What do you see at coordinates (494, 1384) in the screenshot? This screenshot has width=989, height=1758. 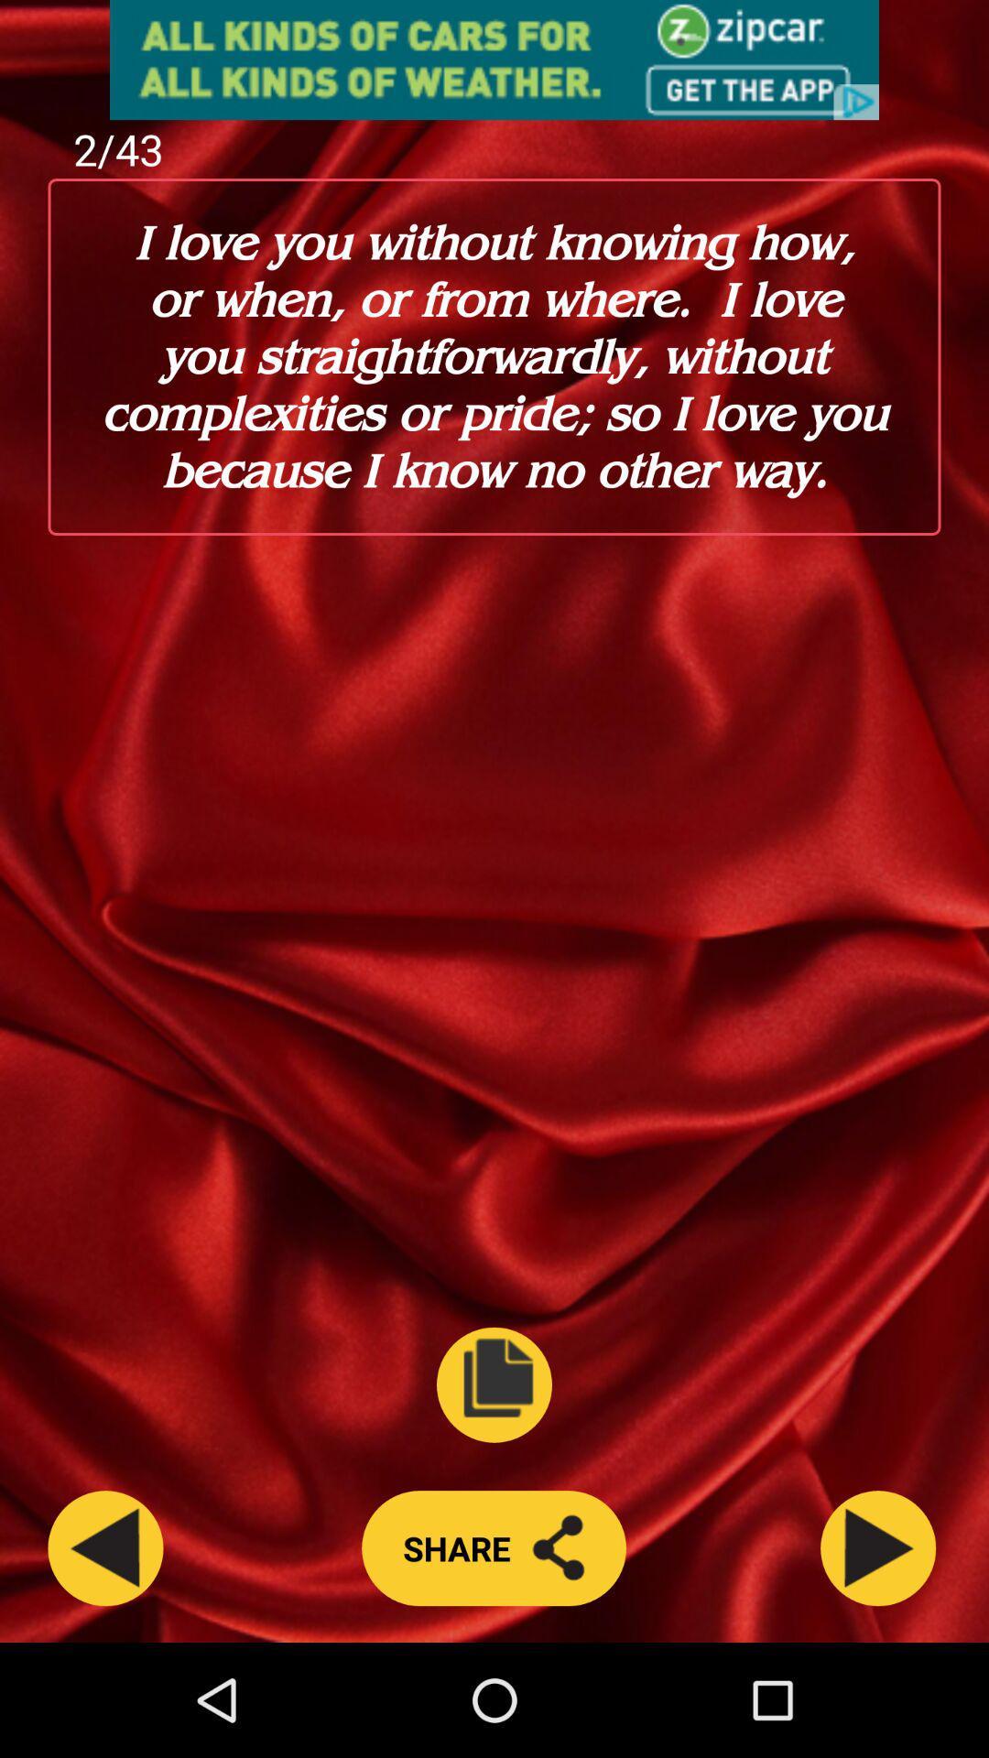 I see `the content` at bounding box center [494, 1384].